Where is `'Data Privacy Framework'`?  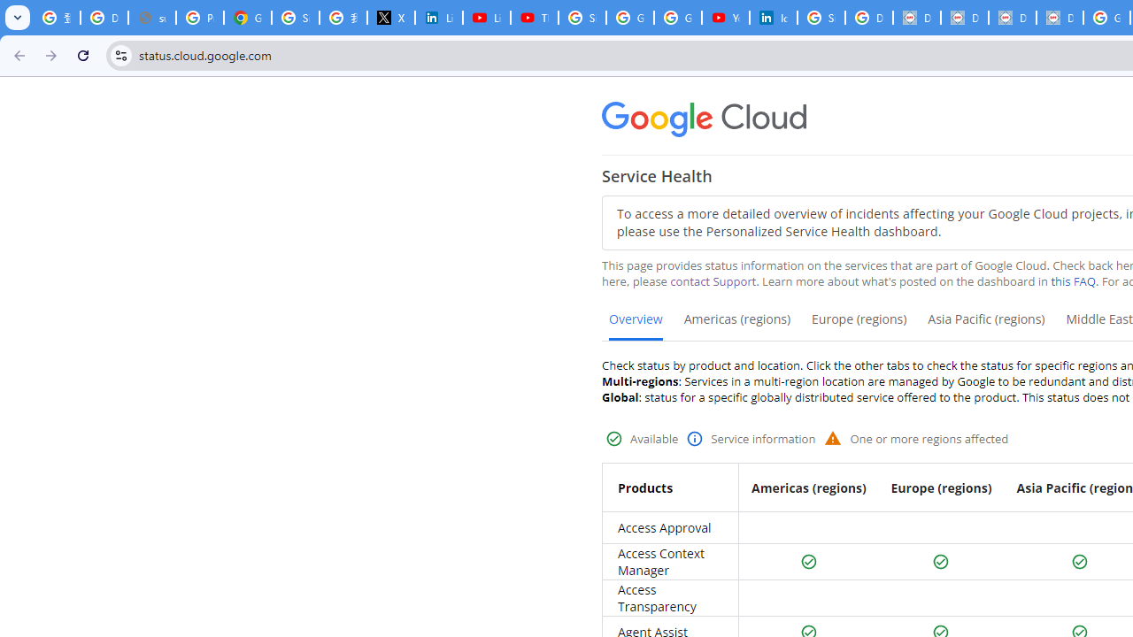
'Data Privacy Framework' is located at coordinates (917, 18).